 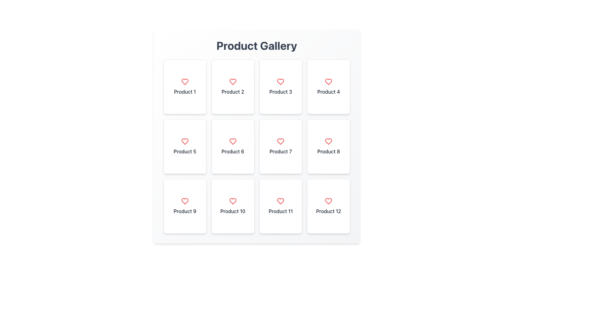 What do you see at coordinates (328, 146) in the screenshot?
I see `the rectangular card with a white background and rounded corners that contains a red heart icon and the text label 'Product 8', located in the third row, fourth column of the grid layout` at bounding box center [328, 146].